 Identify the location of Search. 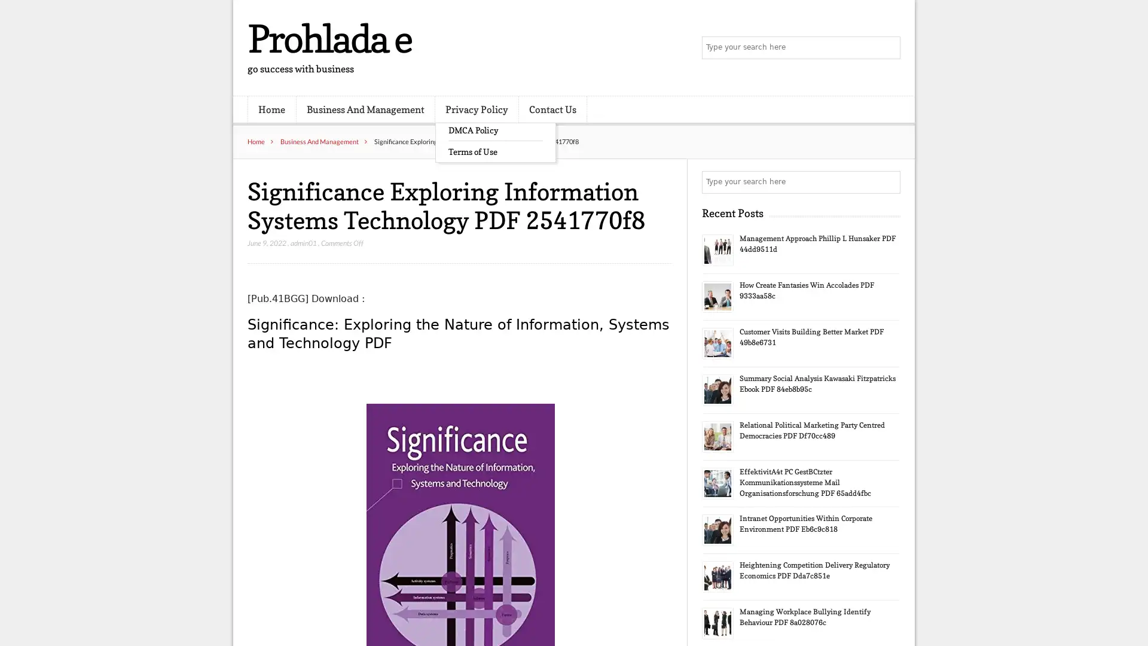
(888, 48).